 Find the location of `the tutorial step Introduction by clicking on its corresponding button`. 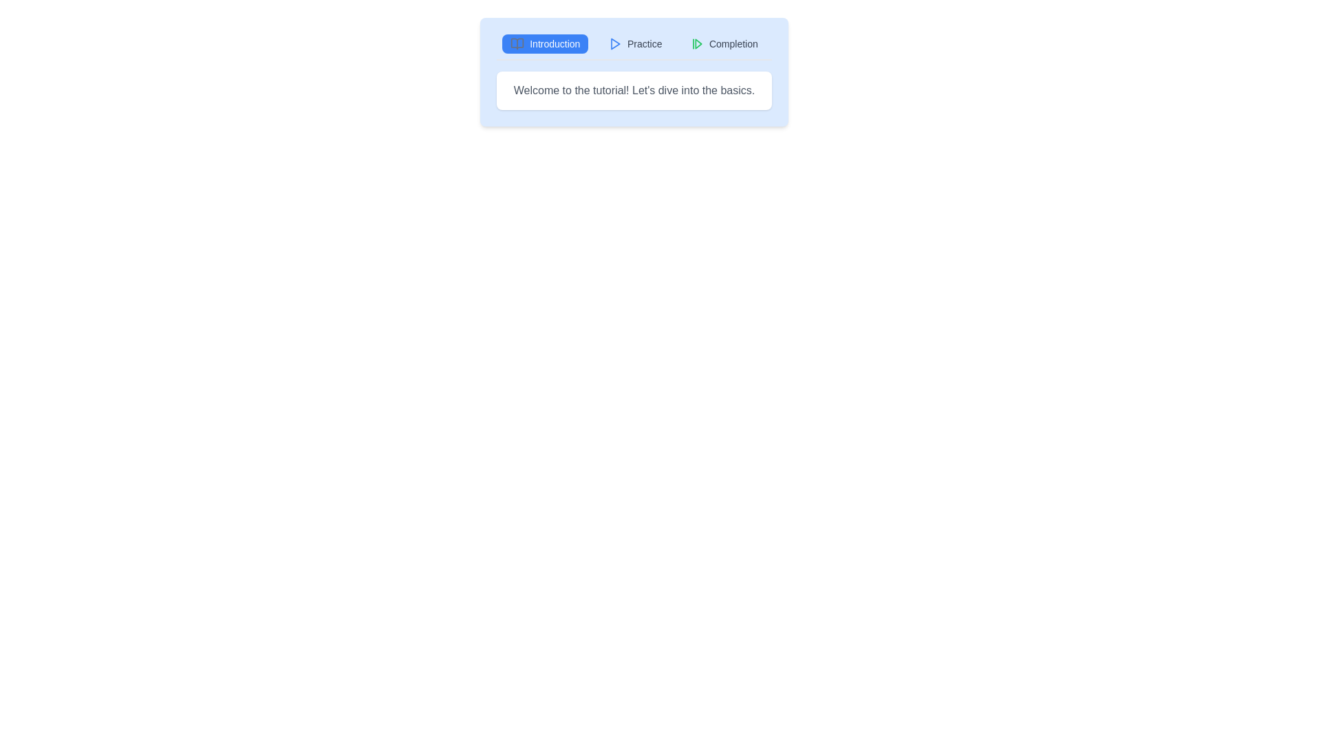

the tutorial step Introduction by clicking on its corresponding button is located at coordinates (544, 43).